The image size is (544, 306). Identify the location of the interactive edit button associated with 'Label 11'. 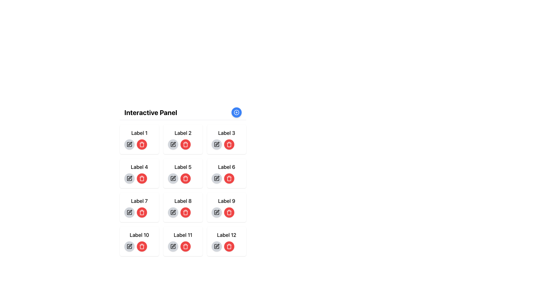
(173, 246).